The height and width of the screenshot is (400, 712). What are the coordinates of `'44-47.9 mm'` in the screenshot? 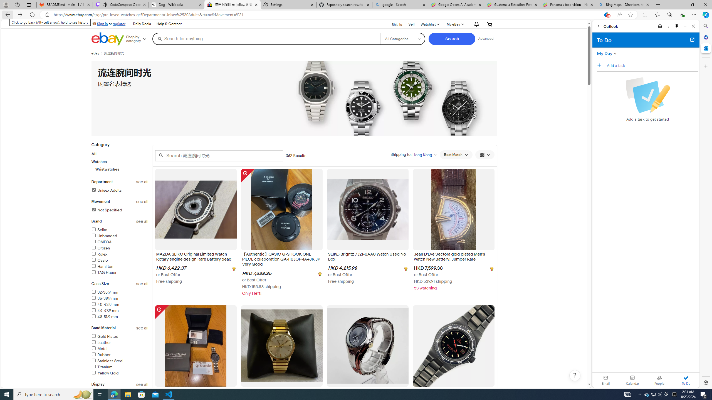 It's located at (120, 311).